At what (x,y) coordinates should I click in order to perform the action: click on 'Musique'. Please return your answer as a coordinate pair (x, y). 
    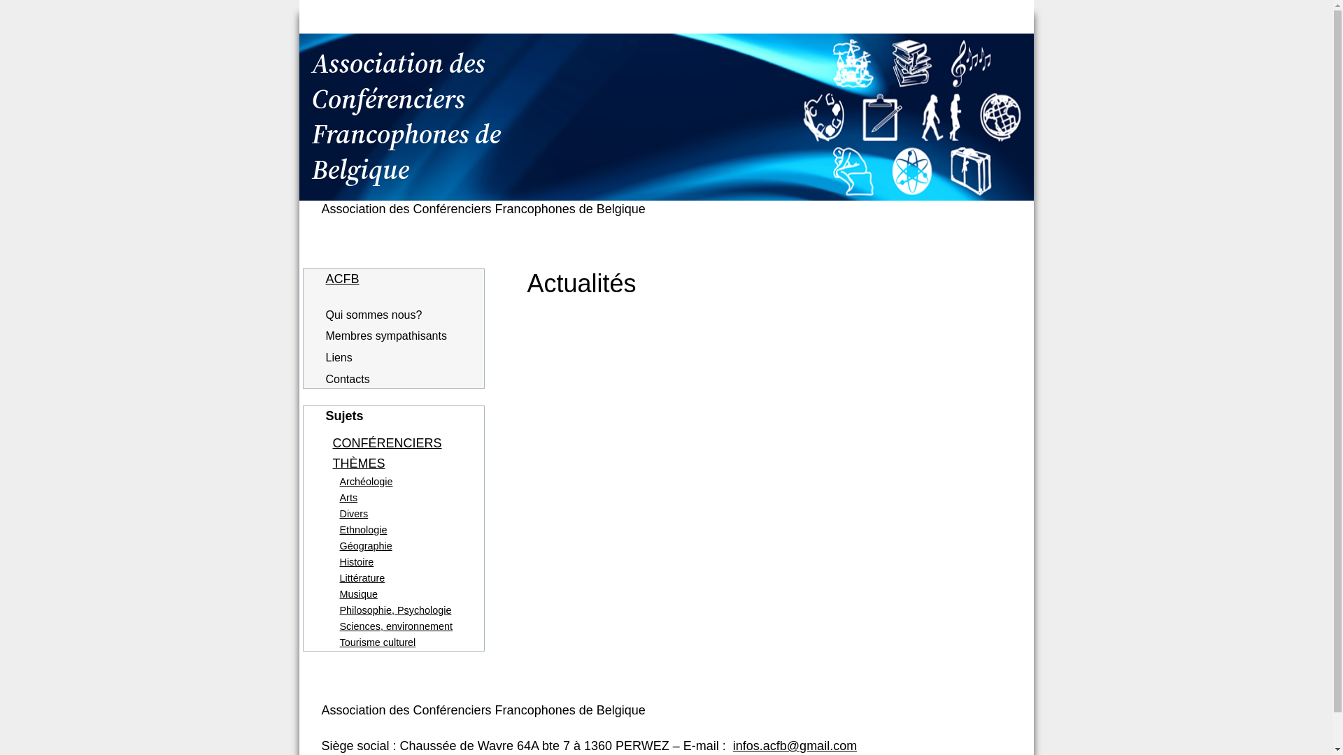
    Looking at the image, I should click on (359, 594).